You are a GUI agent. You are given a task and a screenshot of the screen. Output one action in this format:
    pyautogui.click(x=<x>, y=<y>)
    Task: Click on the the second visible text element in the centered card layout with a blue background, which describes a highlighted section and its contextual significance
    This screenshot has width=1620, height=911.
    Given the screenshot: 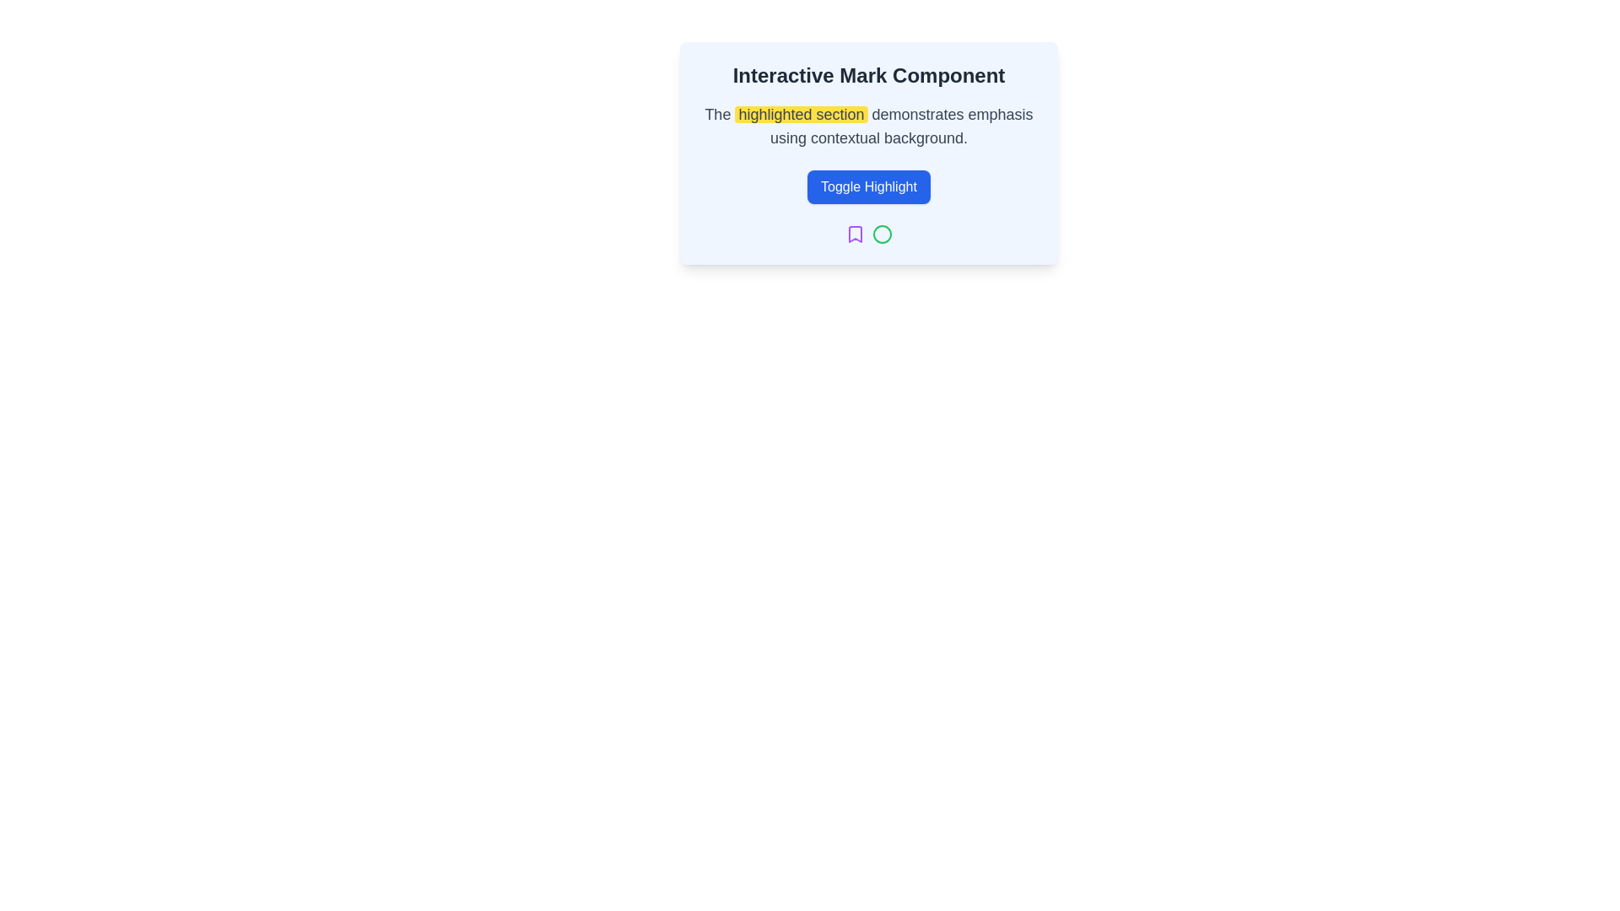 What is the action you would take?
    pyautogui.click(x=869, y=126)
    